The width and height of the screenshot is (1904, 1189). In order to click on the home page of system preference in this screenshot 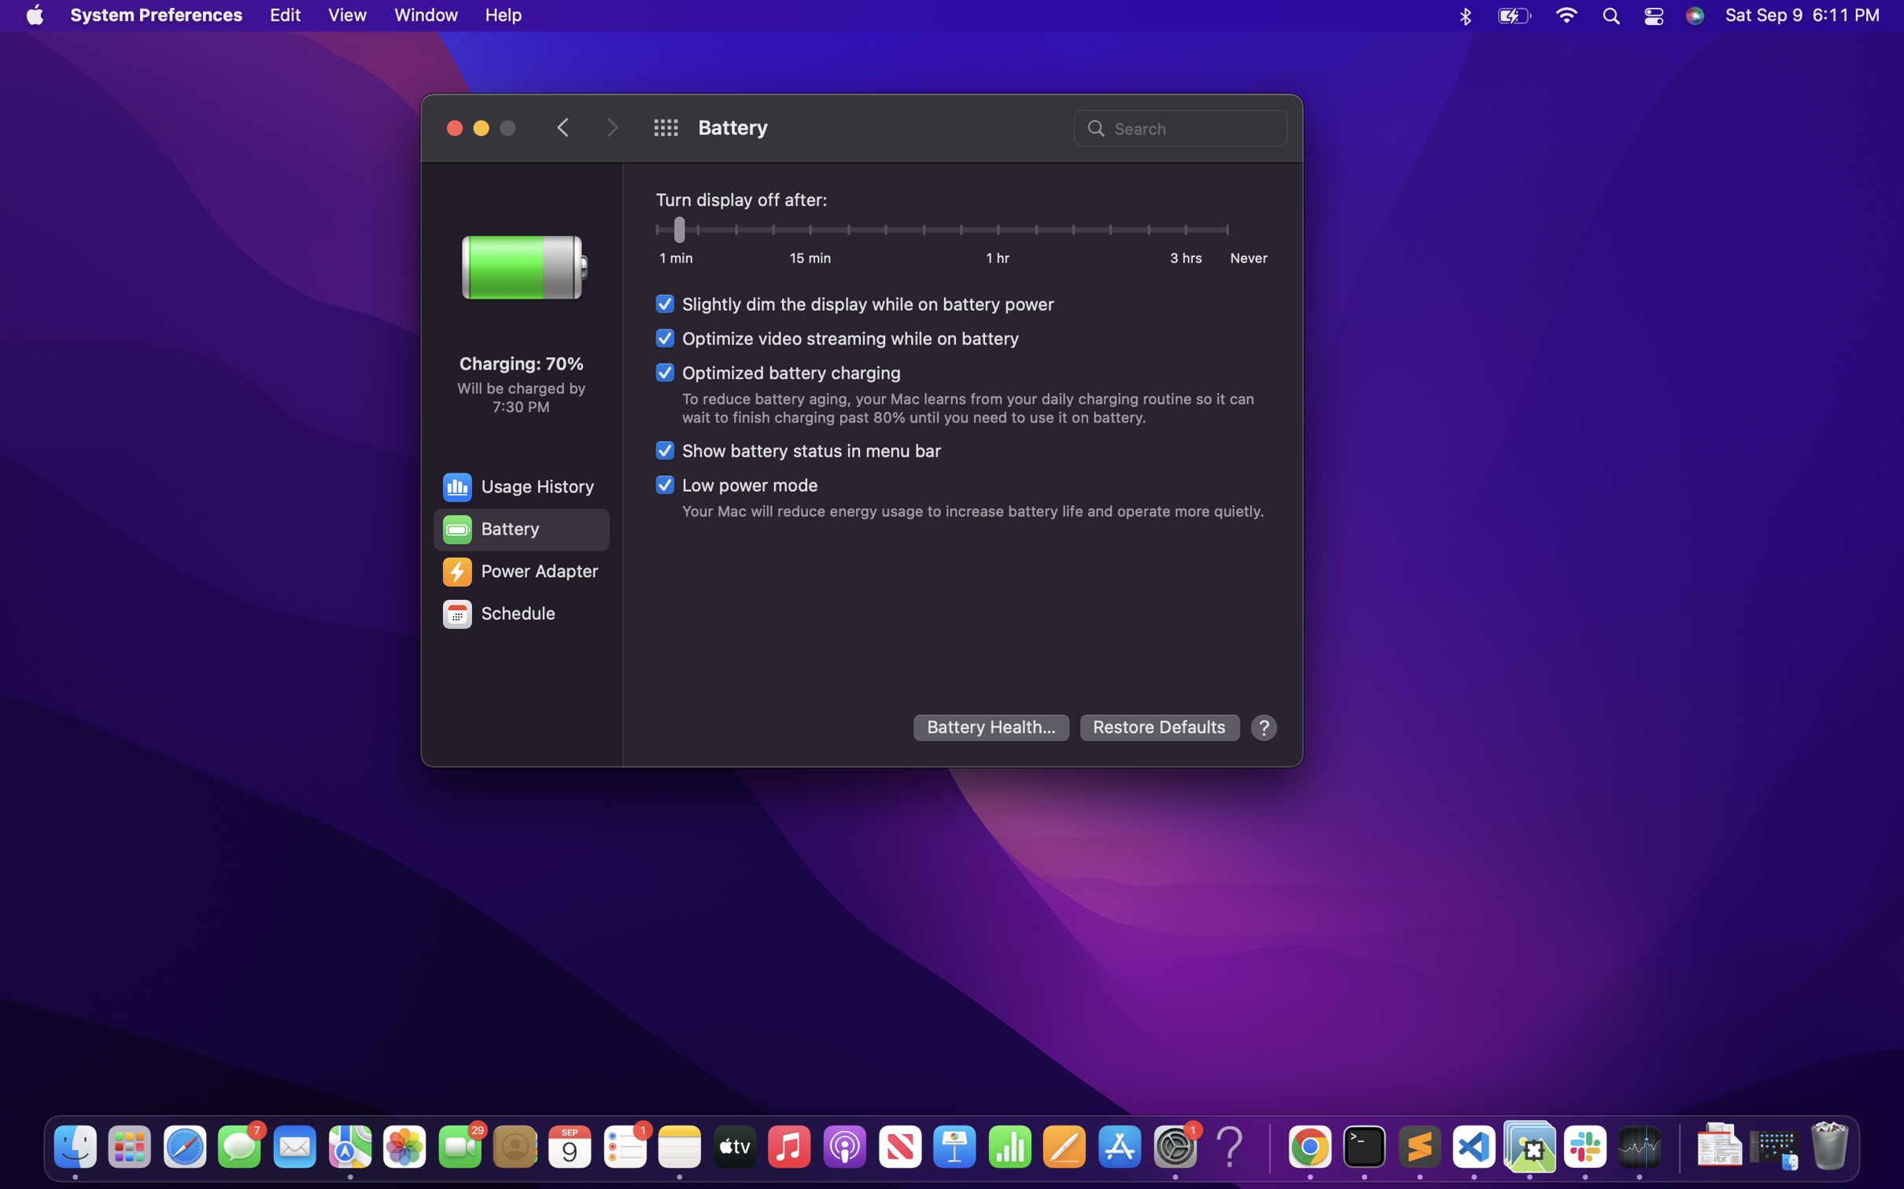, I will do `click(665, 127)`.